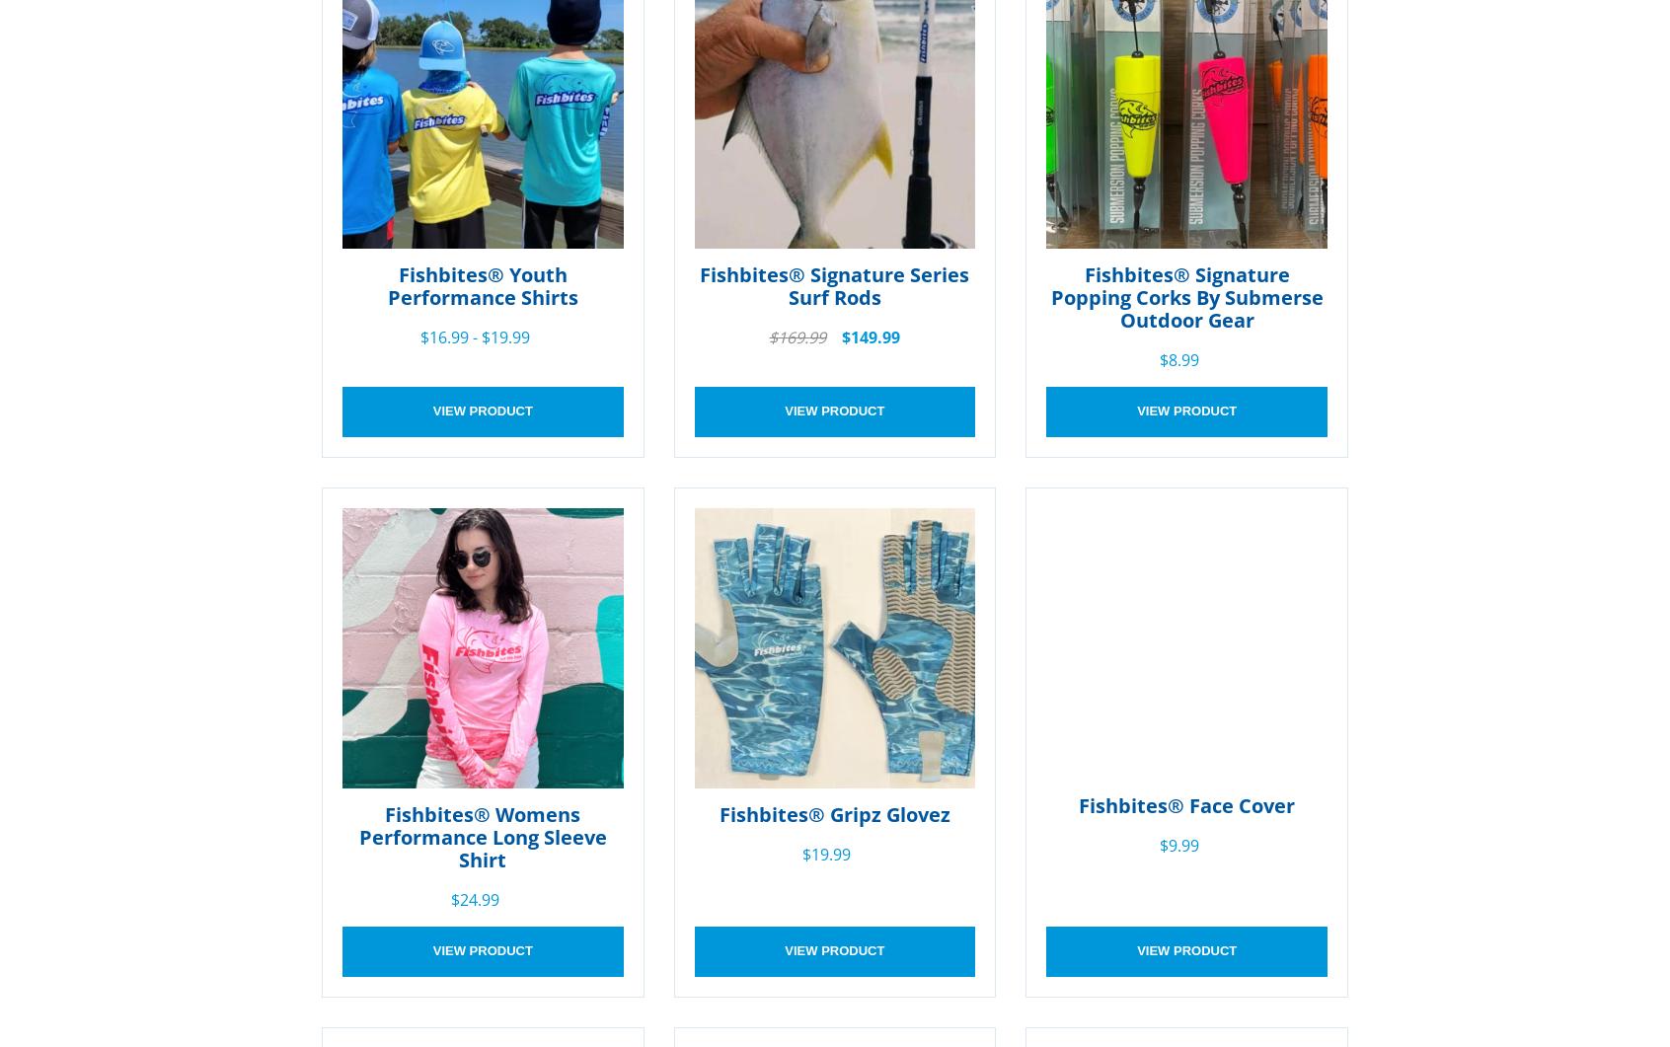 Image resolution: width=1670 pixels, height=1047 pixels. Describe the element at coordinates (357, 837) in the screenshot. I see `'Fishbites® Womens Performance Long Sleeve Shirt'` at that location.